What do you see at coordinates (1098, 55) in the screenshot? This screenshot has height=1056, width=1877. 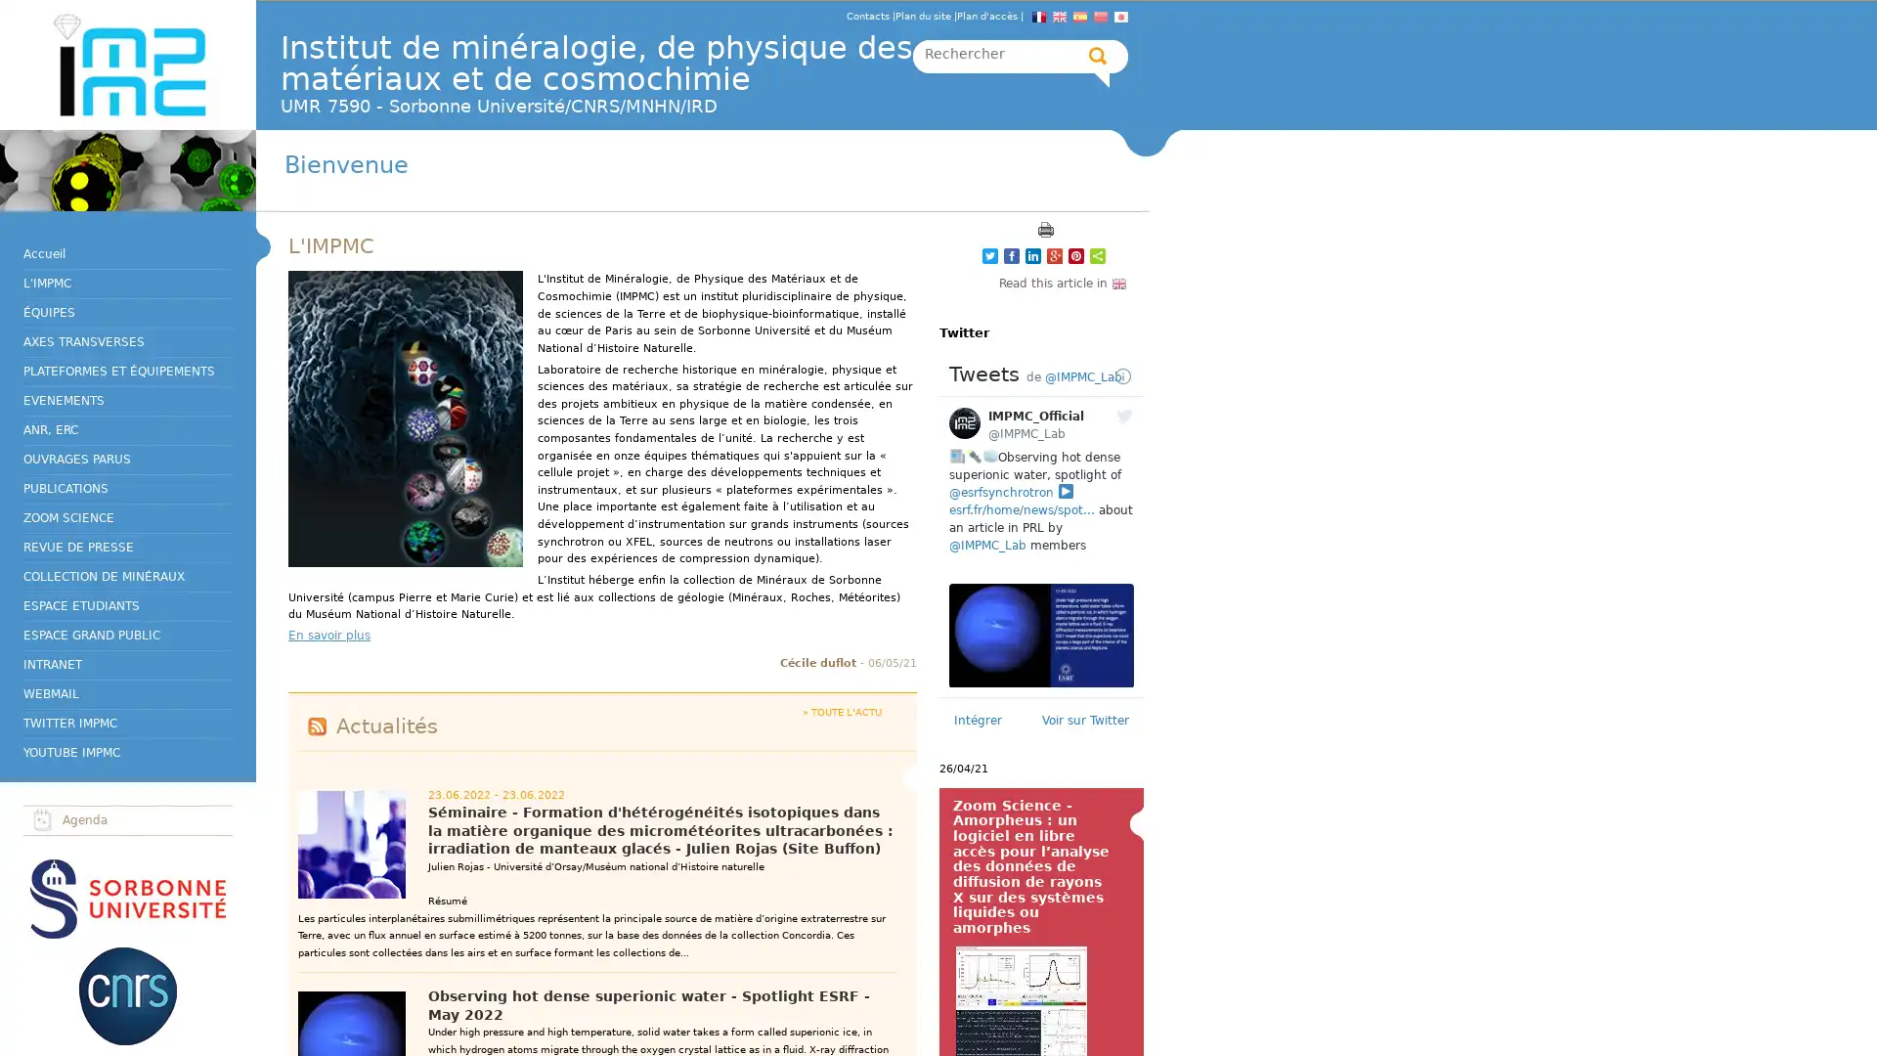 I see `Lancer la recherche` at bounding box center [1098, 55].